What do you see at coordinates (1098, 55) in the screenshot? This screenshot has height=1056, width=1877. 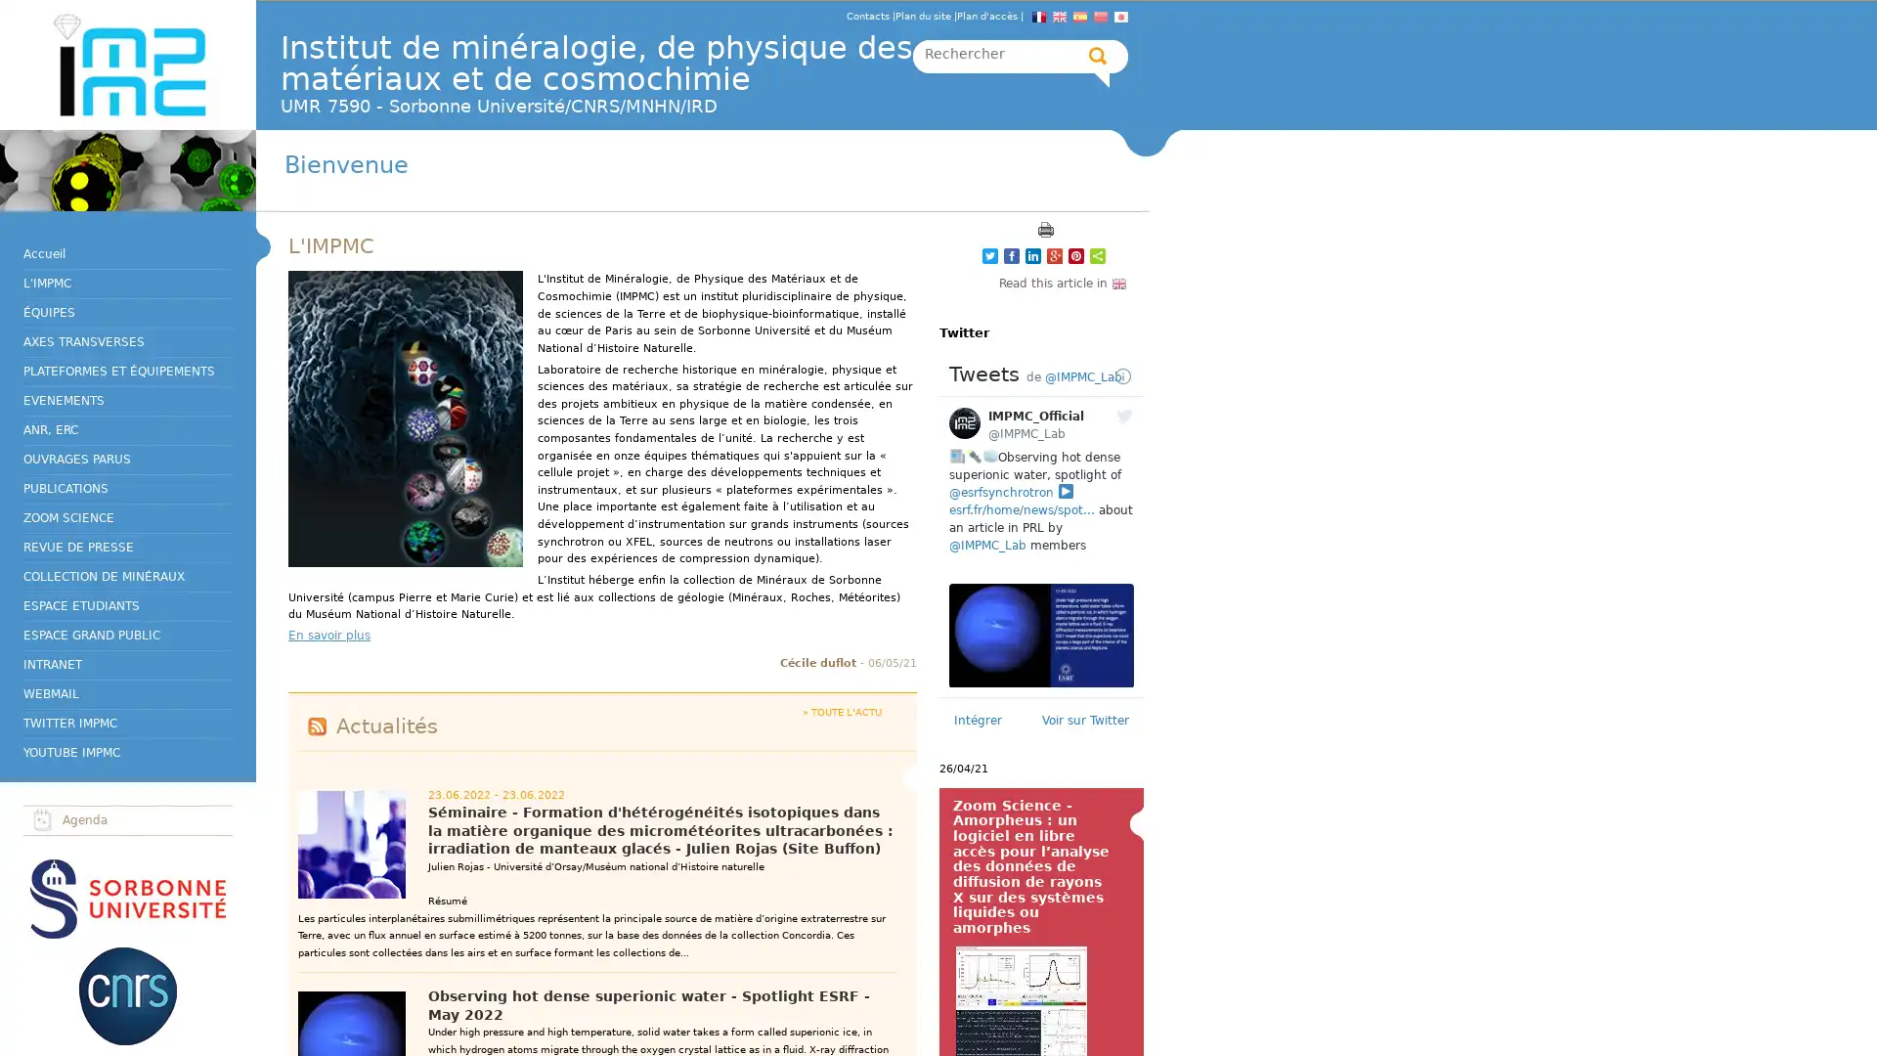 I see `Lancer la recherche` at bounding box center [1098, 55].